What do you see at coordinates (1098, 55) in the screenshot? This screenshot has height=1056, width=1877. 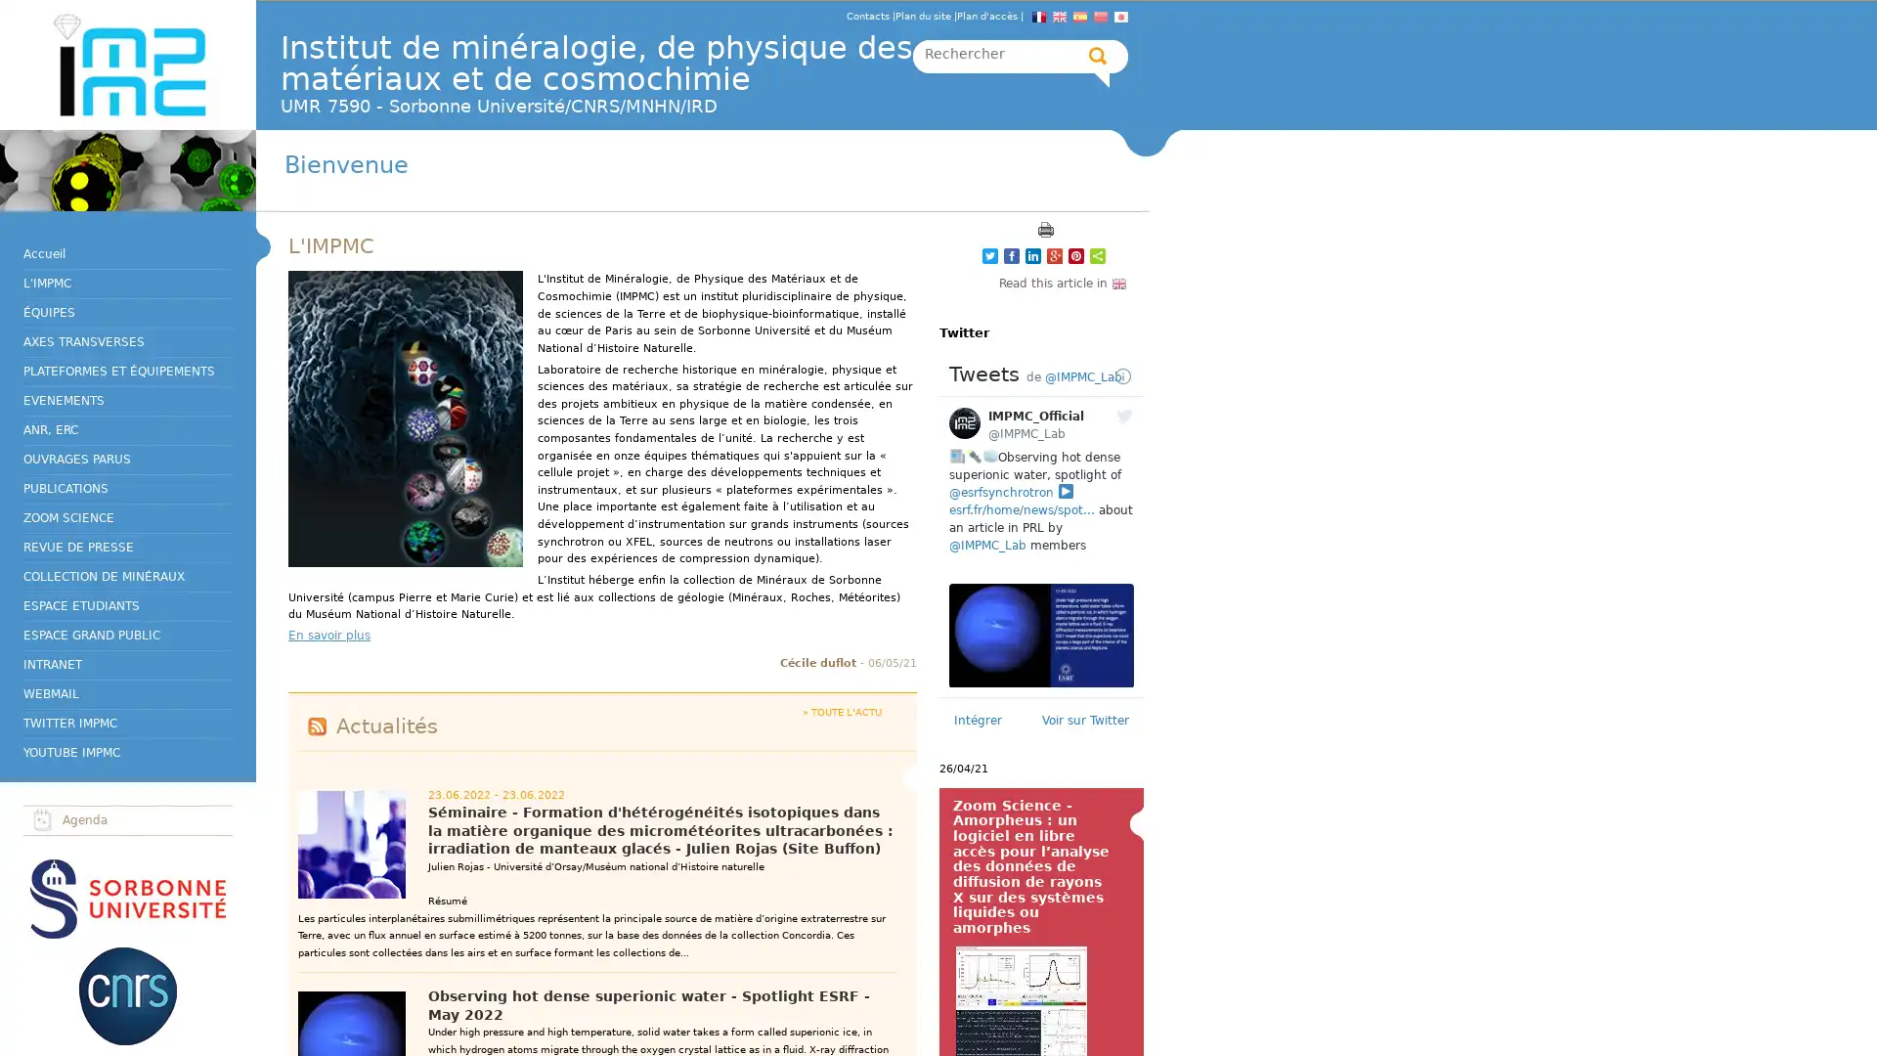 I see `Lancer la recherche` at bounding box center [1098, 55].